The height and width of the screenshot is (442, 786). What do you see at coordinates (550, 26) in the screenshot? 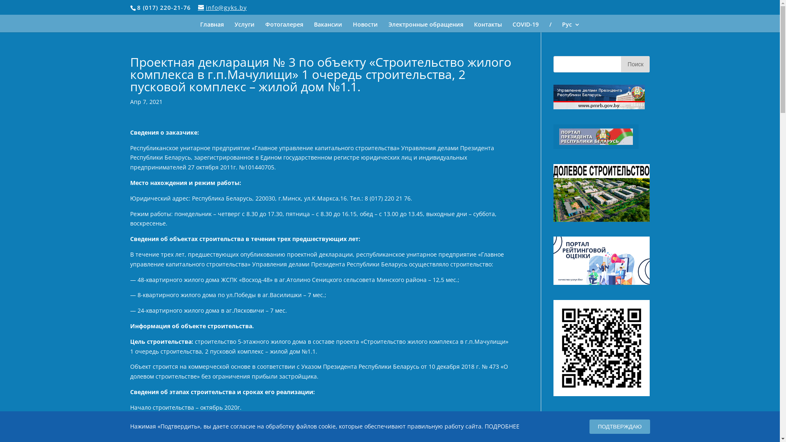
I see `'/'` at bounding box center [550, 26].